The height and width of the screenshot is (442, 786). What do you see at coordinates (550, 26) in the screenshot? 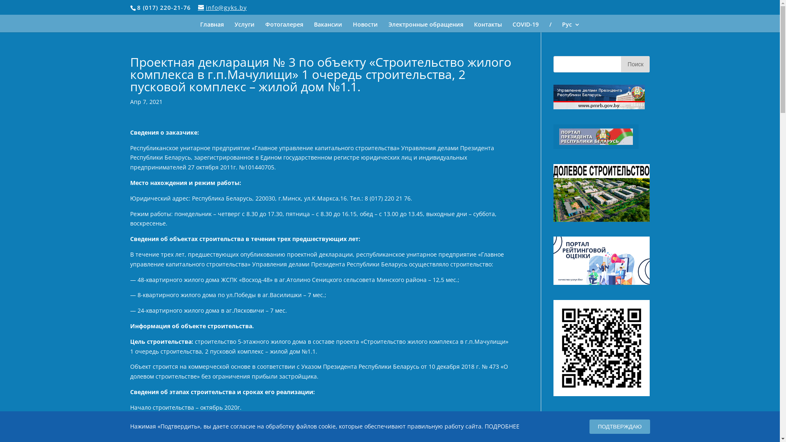
I see `'/'` at bounding box center [550, 26].